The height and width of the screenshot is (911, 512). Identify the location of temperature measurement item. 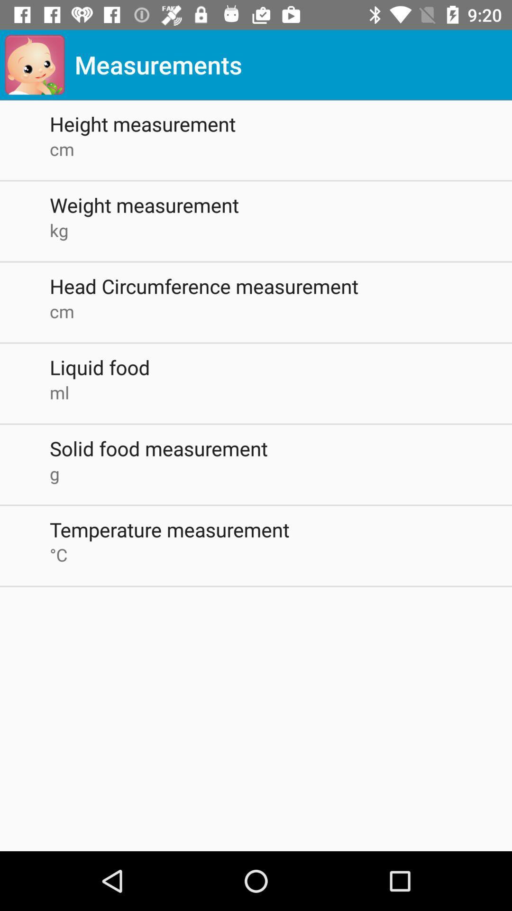
(280, 529).